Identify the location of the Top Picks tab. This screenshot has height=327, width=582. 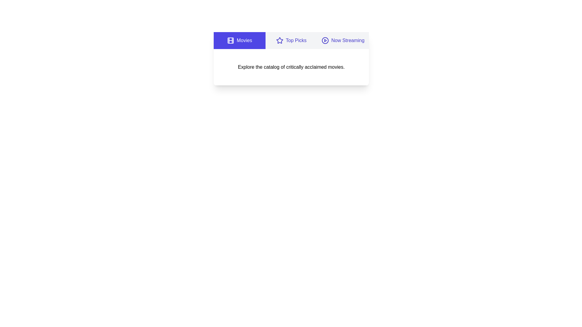
(291, 41).